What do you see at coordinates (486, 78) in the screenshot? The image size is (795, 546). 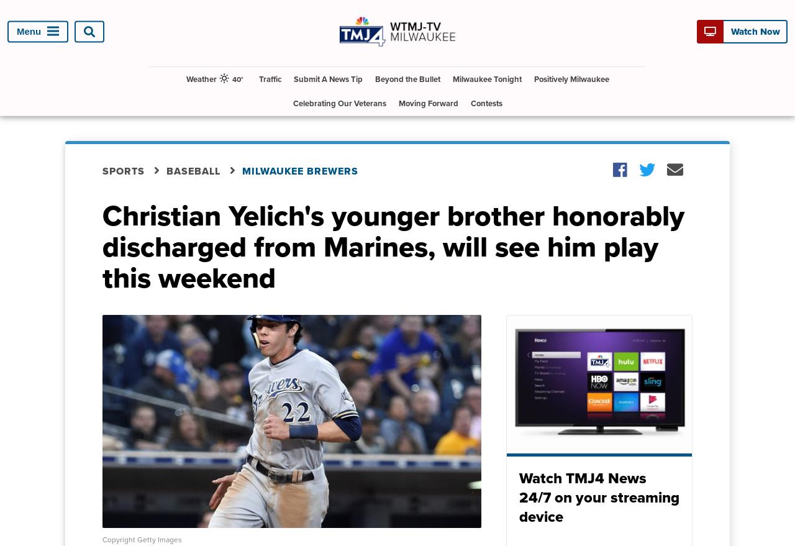 I see `'Milwaukee Tonight'` at bounding box center [486, 78].